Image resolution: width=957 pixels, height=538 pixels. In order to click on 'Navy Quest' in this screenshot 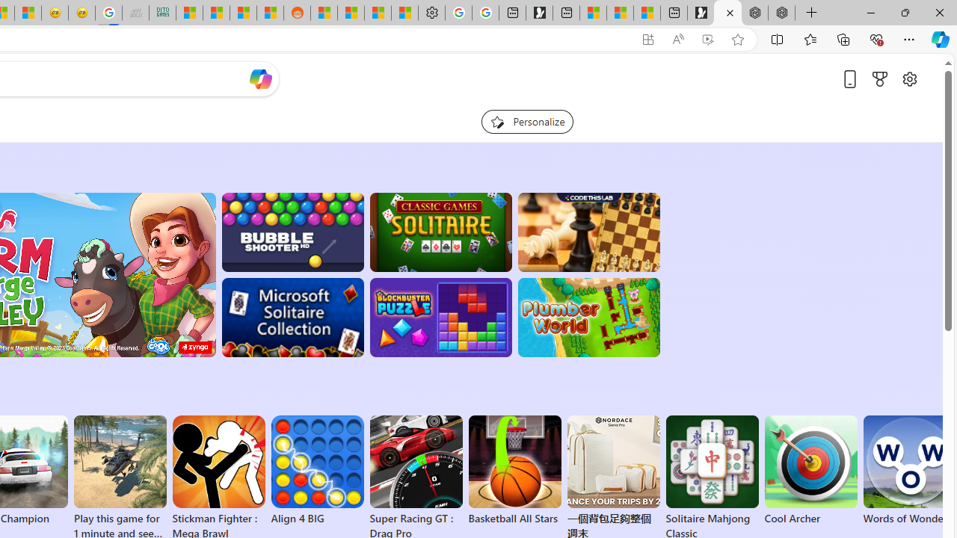, I will do `click(135, 13)`.